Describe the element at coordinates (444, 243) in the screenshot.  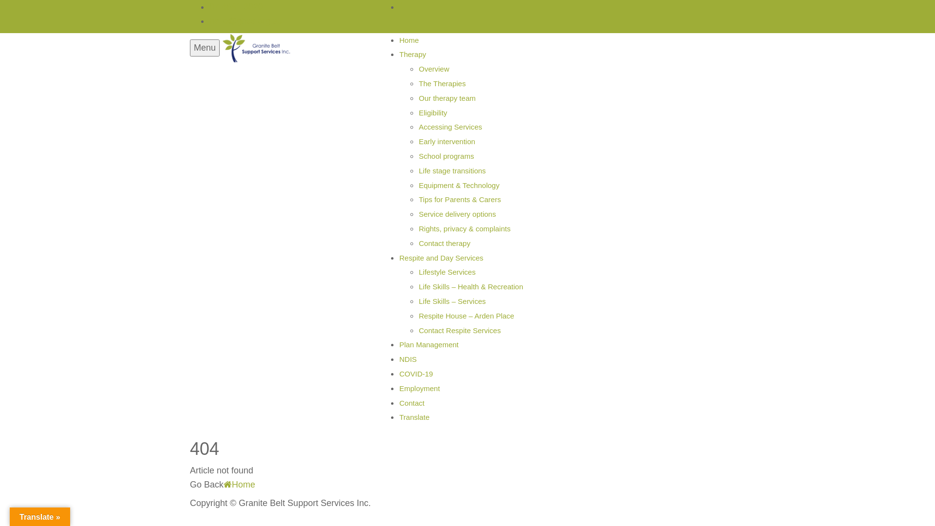
I see `'Contact therapy'` at that location.